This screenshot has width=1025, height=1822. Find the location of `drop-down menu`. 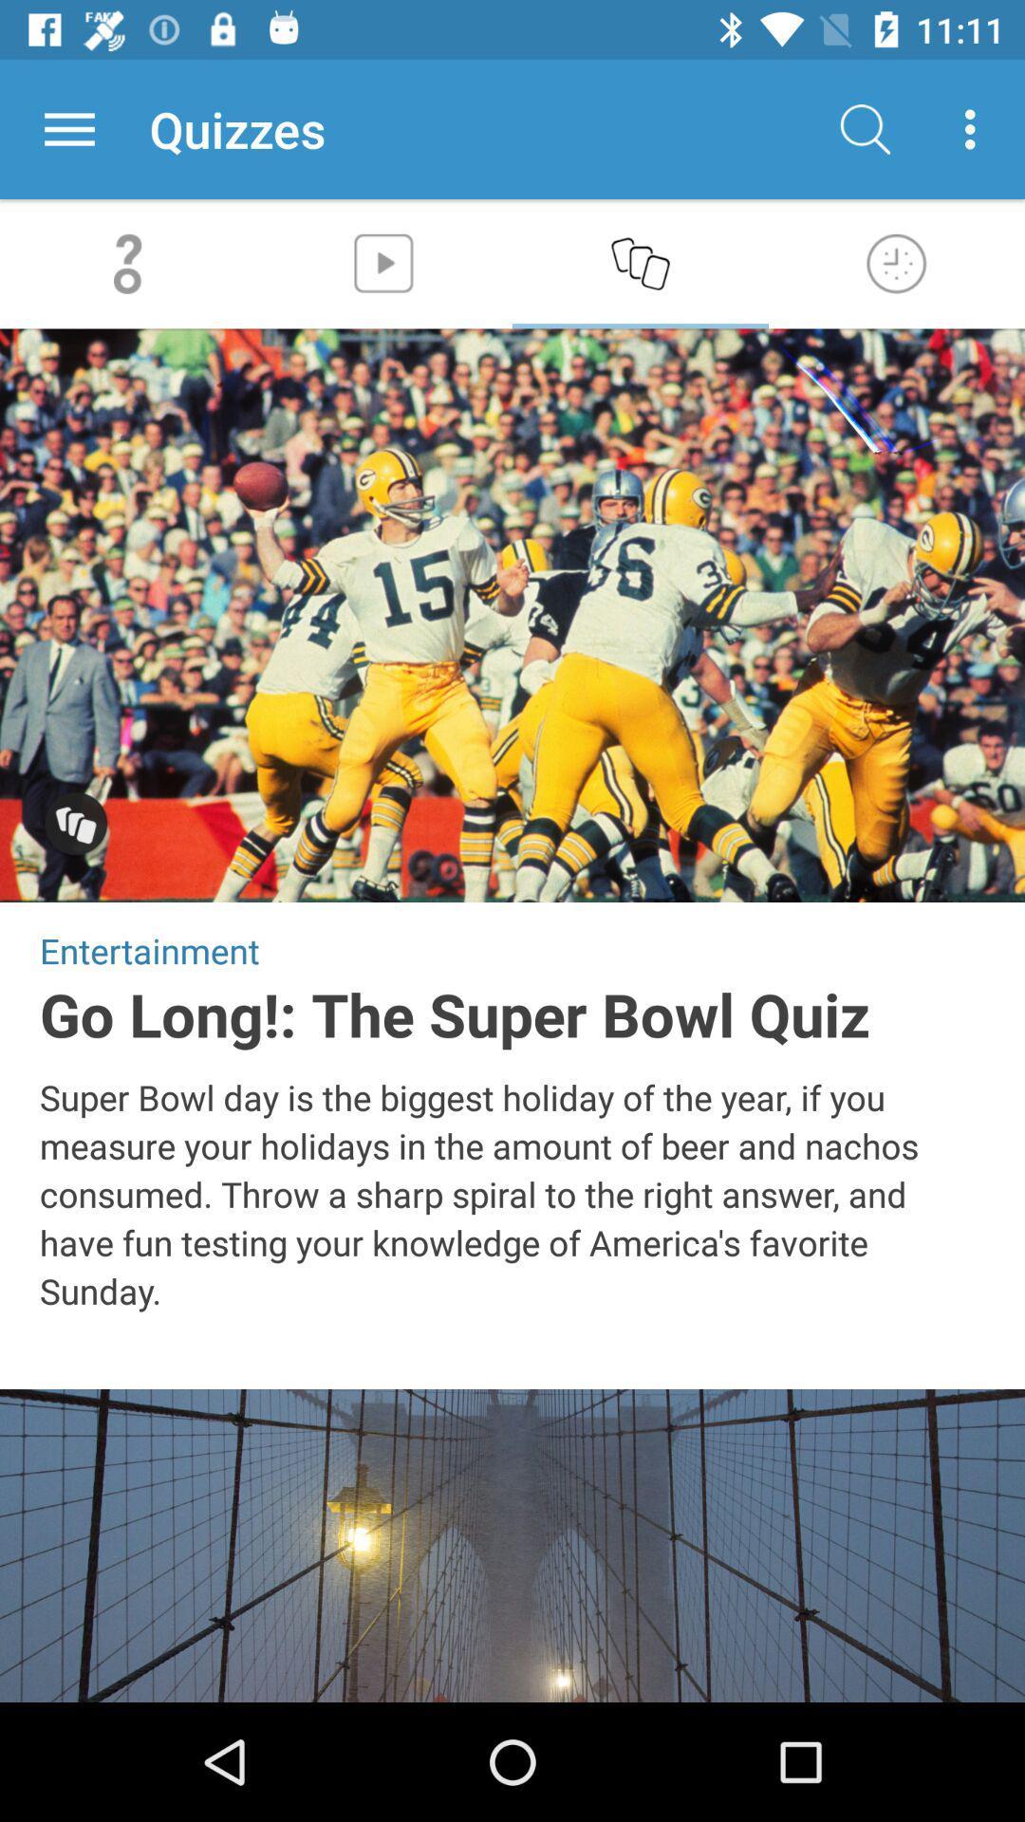

drop-down menu is located at coordinates (68, 128).